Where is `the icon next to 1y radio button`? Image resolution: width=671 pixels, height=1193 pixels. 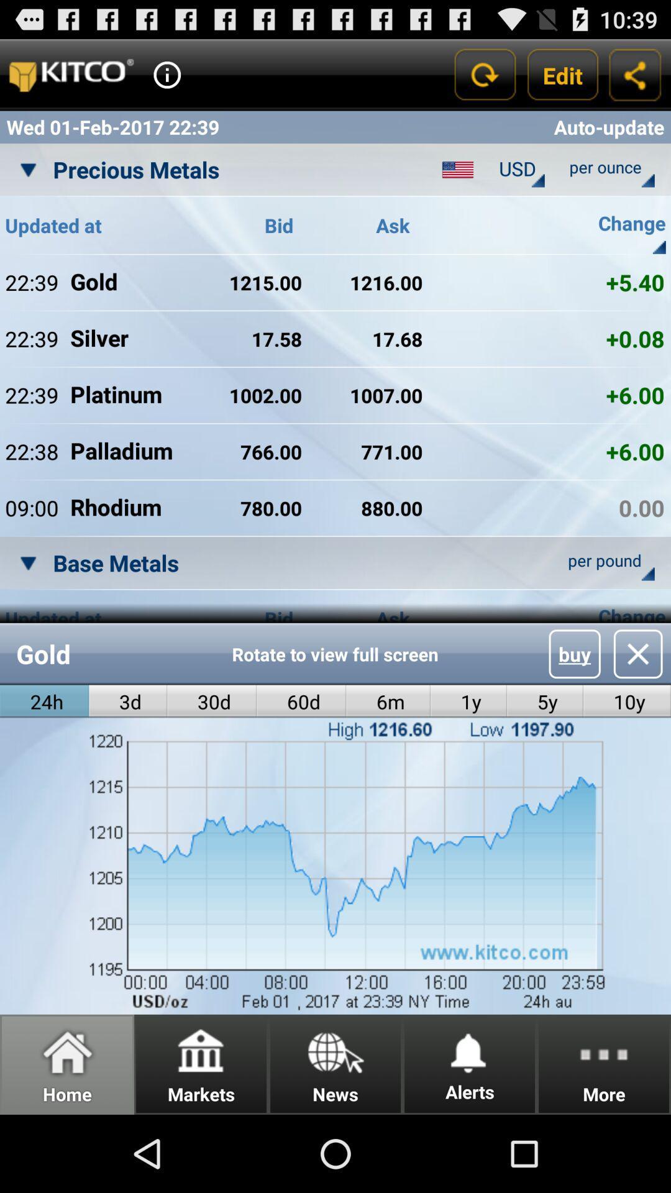
the icon next to 1y radio button is located at coordinates (544, 702).